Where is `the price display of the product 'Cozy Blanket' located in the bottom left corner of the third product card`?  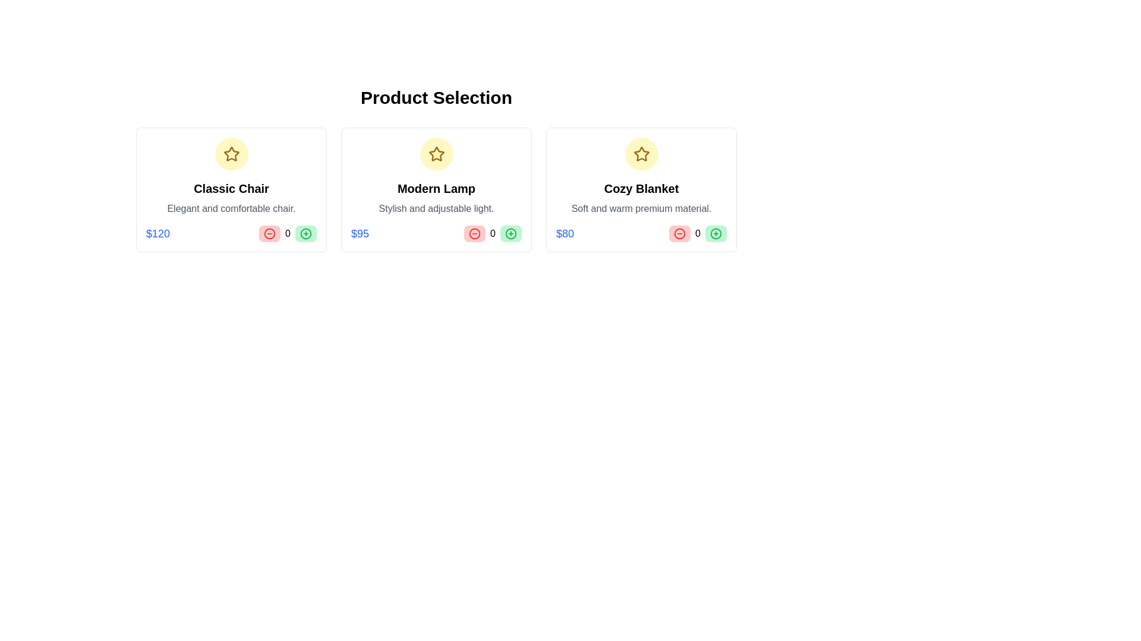 the price display of the product 'Cozy Blanket' located in the bottom left corner of the third product card is located at coordinates (564, 233).